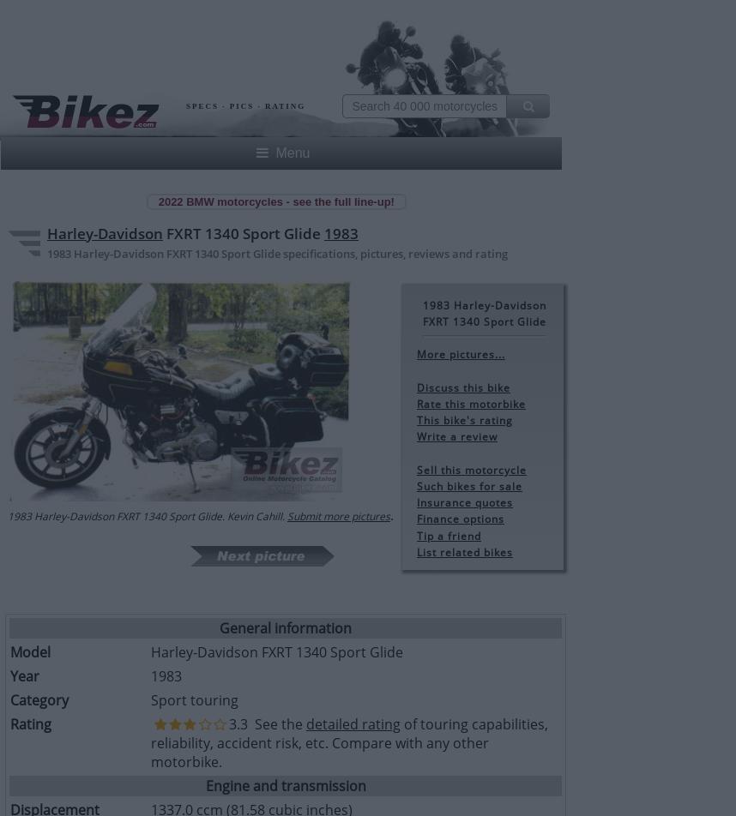  Describe the element at coordinates (225, 723) in the screenshot. I see `'3.3  See the'` at that location.